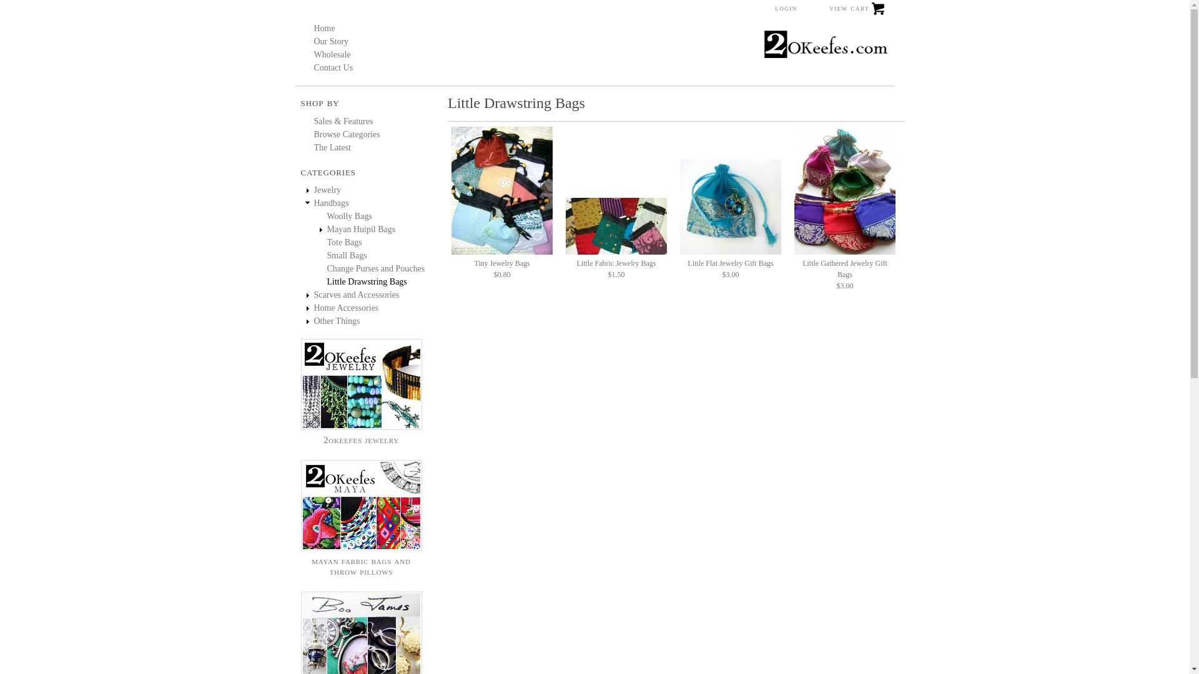 This screenshot has height=674, width=1199. What do you see at coordinates (785, 7) in the screenshot?
I see `'login'` at bounding box center [785, 7].